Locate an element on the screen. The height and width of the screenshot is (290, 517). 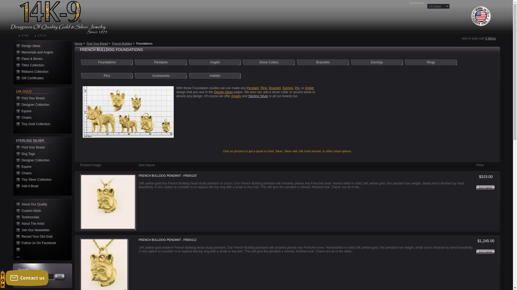
'Memorials and Angels' is located at coordinates (41, 52).